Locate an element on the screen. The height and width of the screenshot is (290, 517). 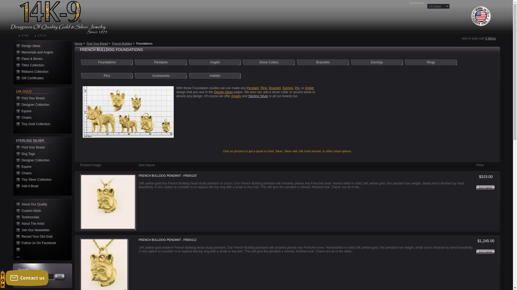
'Memorials and Angels' is located at coordinates (41, 52).